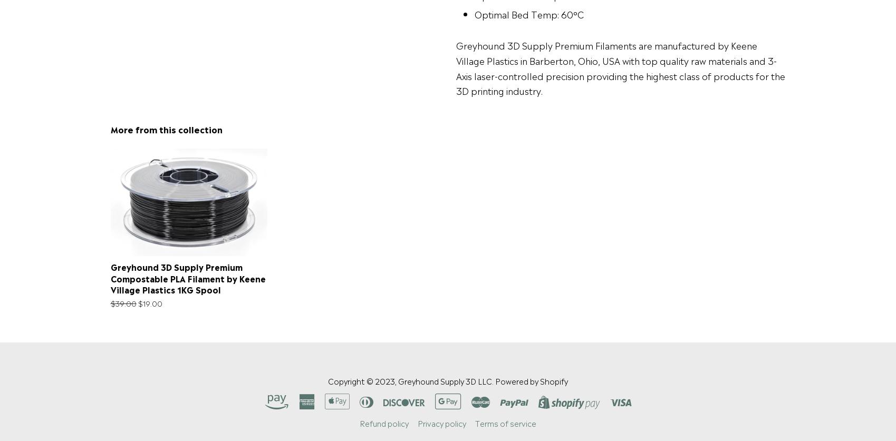  I want to click on 'Terms of service', so click(505, 422).